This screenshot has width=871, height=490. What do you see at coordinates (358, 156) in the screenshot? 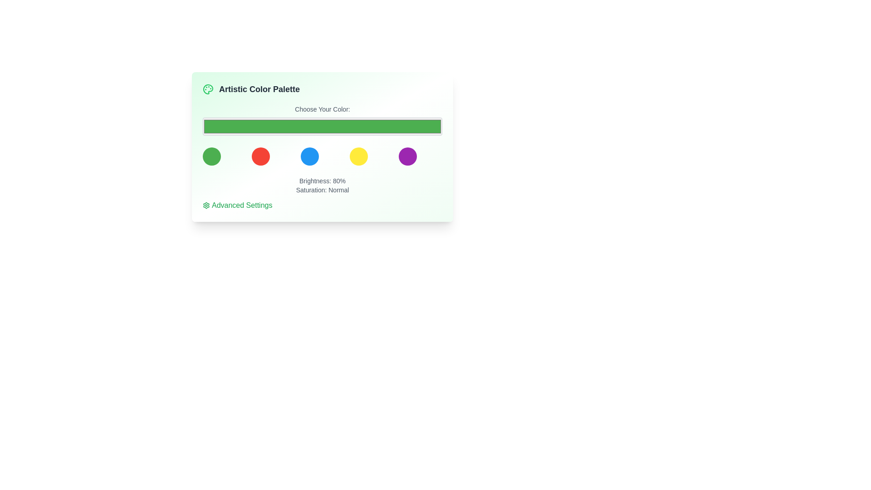
I see `the fourth circular Color picker button with a bright yellow background` at bounding box center [358, 156].